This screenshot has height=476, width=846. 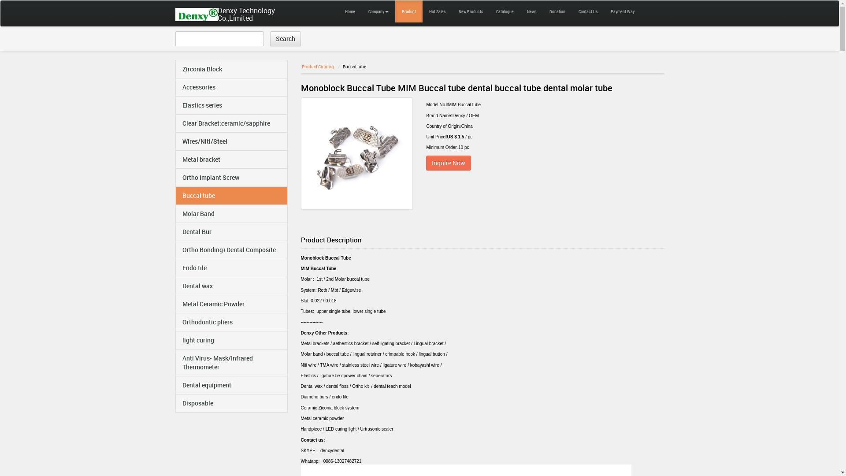 What do you see at coordinates (231, 339) in the screenshot?
I see `'light curing'` at bounding box center [231, 339].